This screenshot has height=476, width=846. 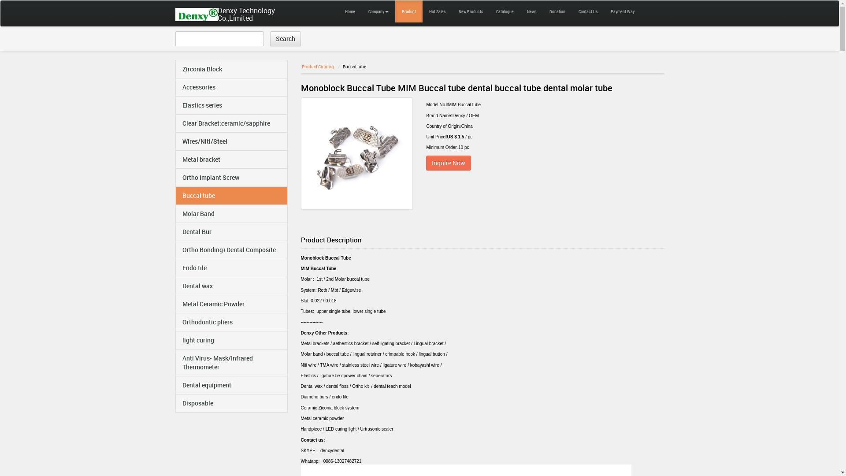 What do you see at coordinates (231, 339) in the screenshot?
I see `'light curing'` at bounding box center [231, 339].